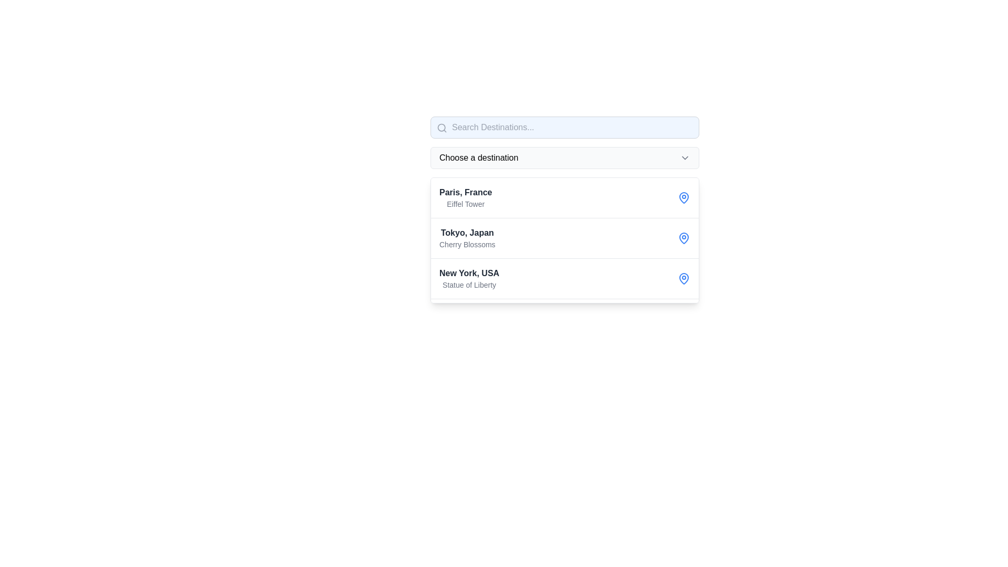  What do you see at coordinates (469, 272) in the screenshot?
I see `the Text Label displaying 'New York, USA' in bold gray font located under the third group in the dropdown list` at bounding box center [469, 272].